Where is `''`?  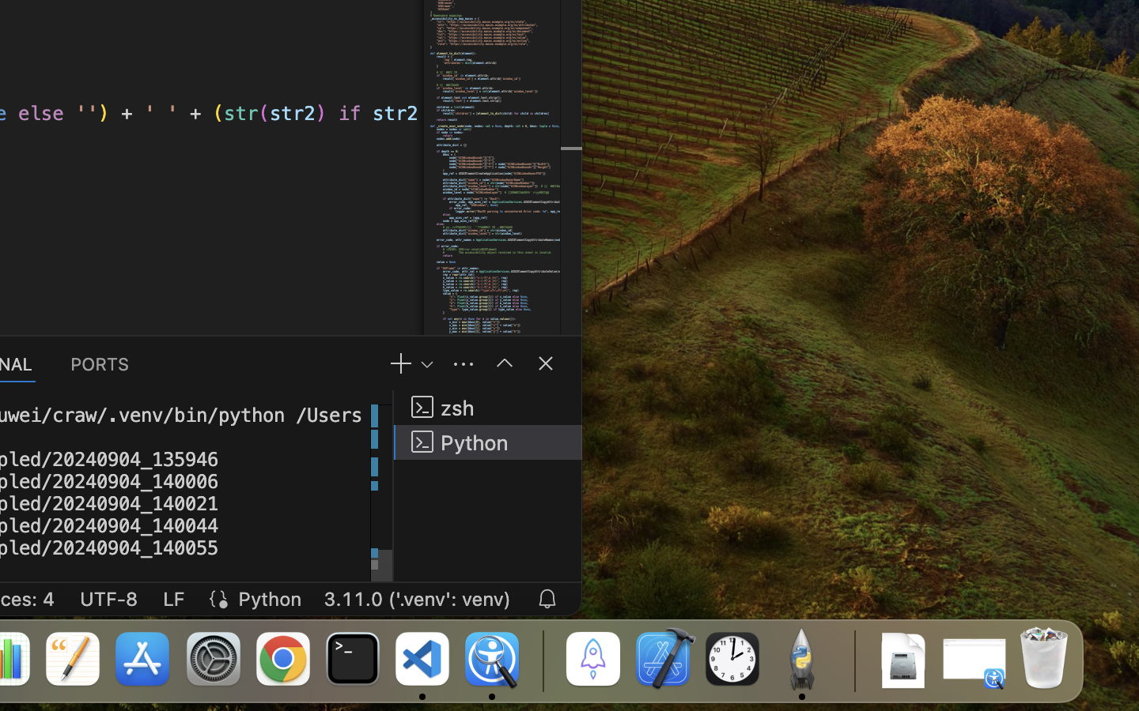
'' is located at coordinates (546, 362).